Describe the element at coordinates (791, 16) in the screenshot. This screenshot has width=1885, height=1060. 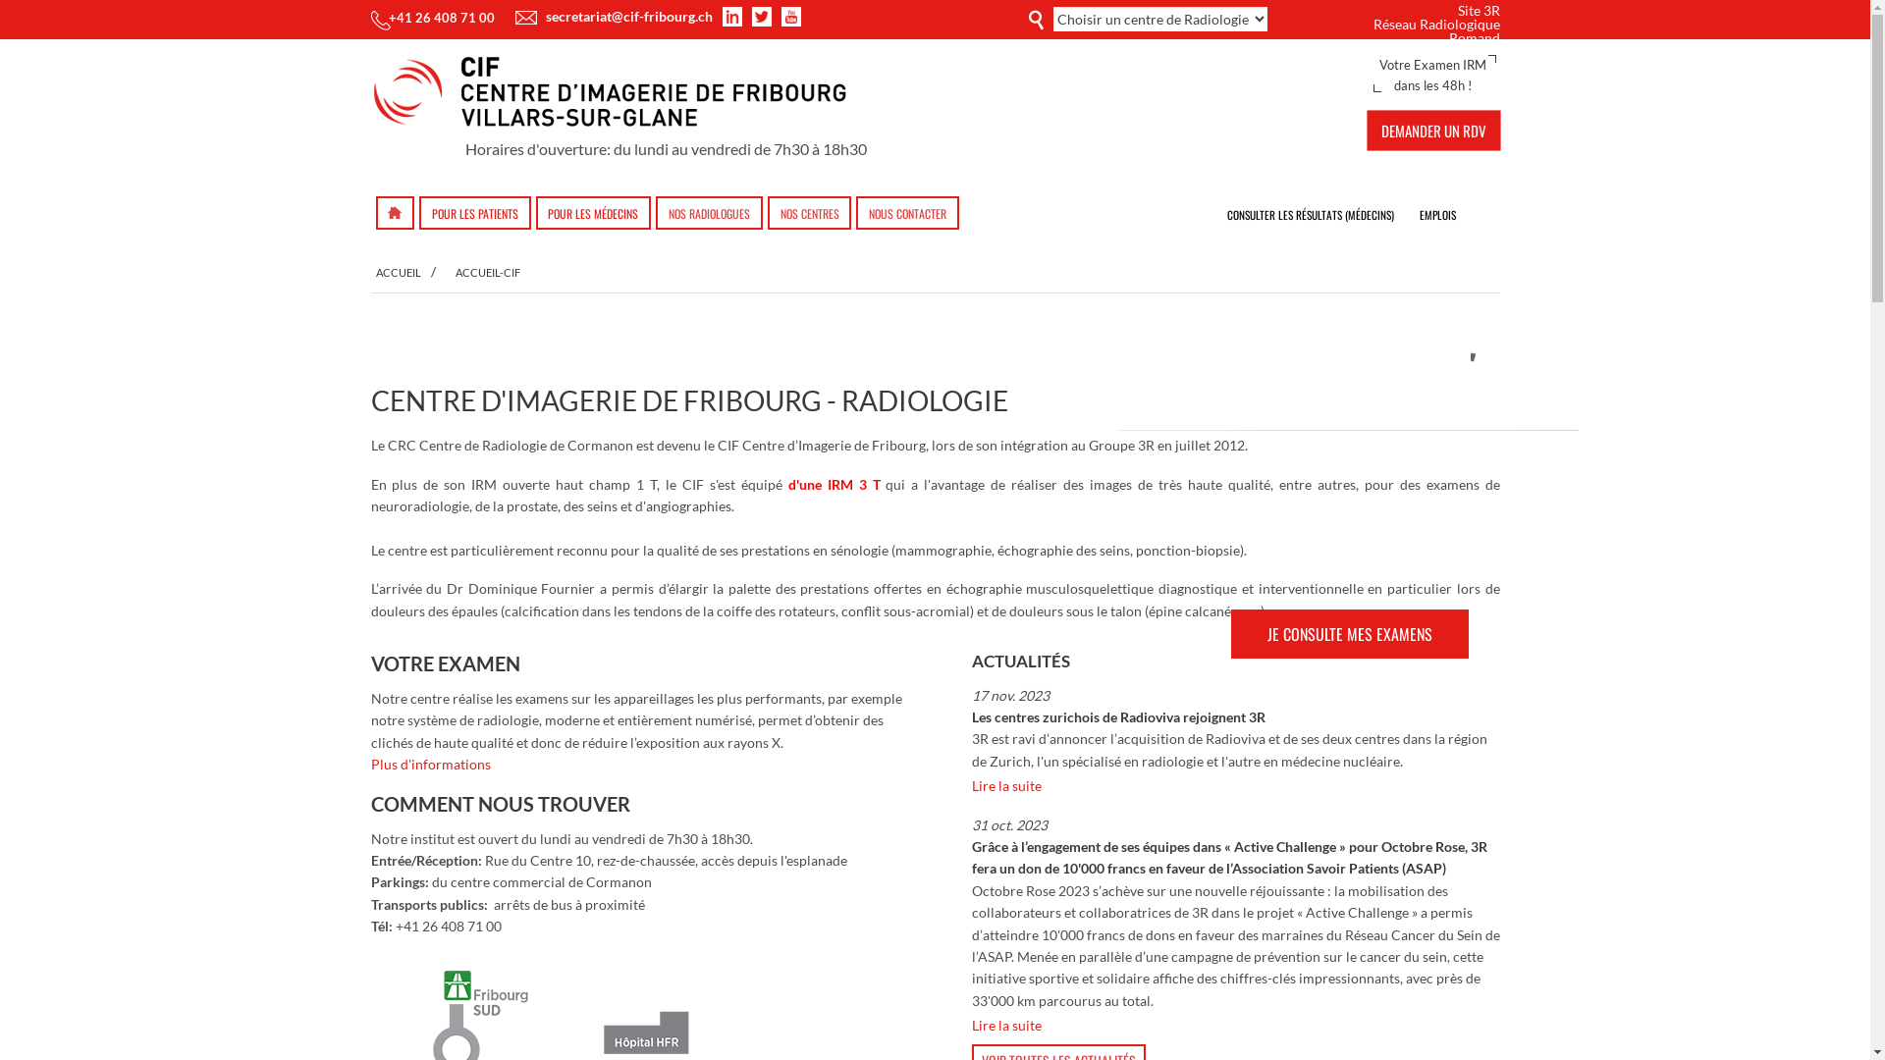
I see `'youtube'` at that location.